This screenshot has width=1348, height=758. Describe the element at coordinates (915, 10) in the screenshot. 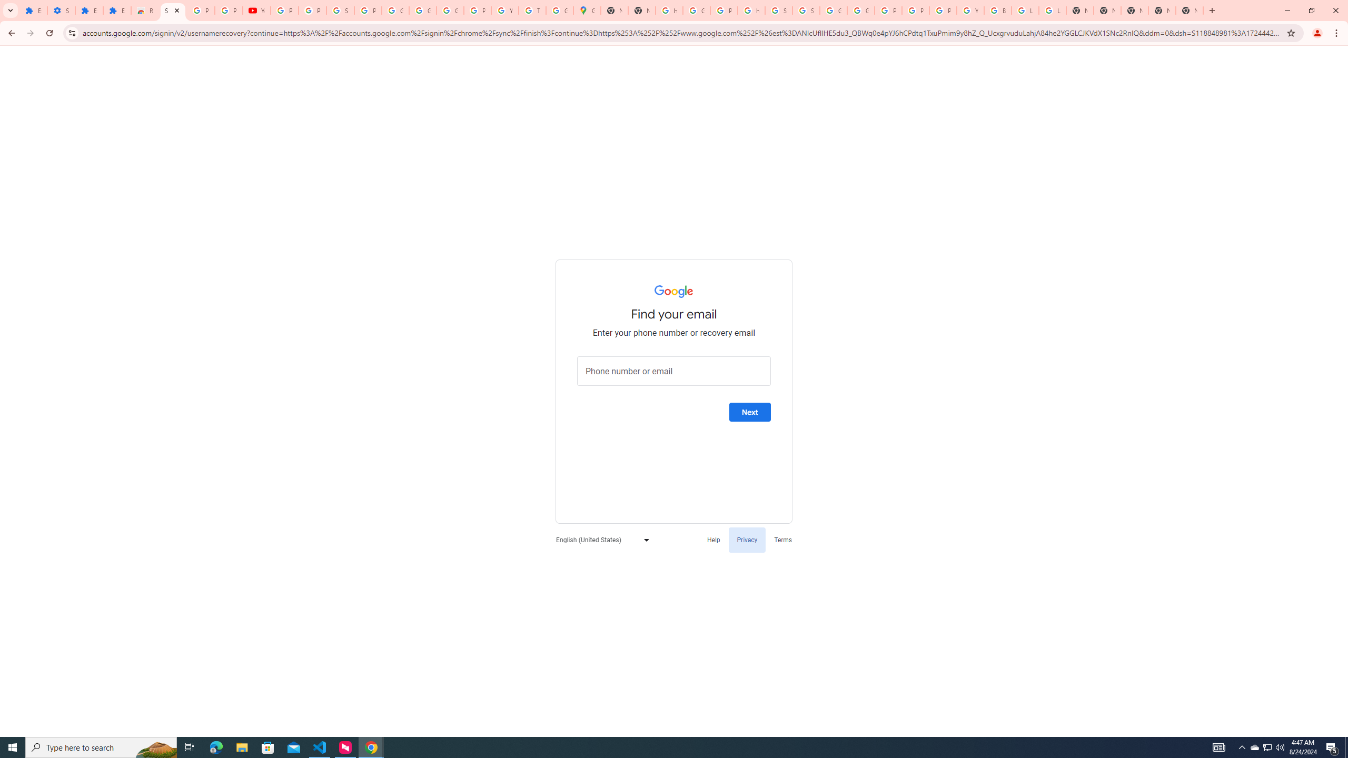

I see `'Privacy Help Center - Policies Help'` at that location.